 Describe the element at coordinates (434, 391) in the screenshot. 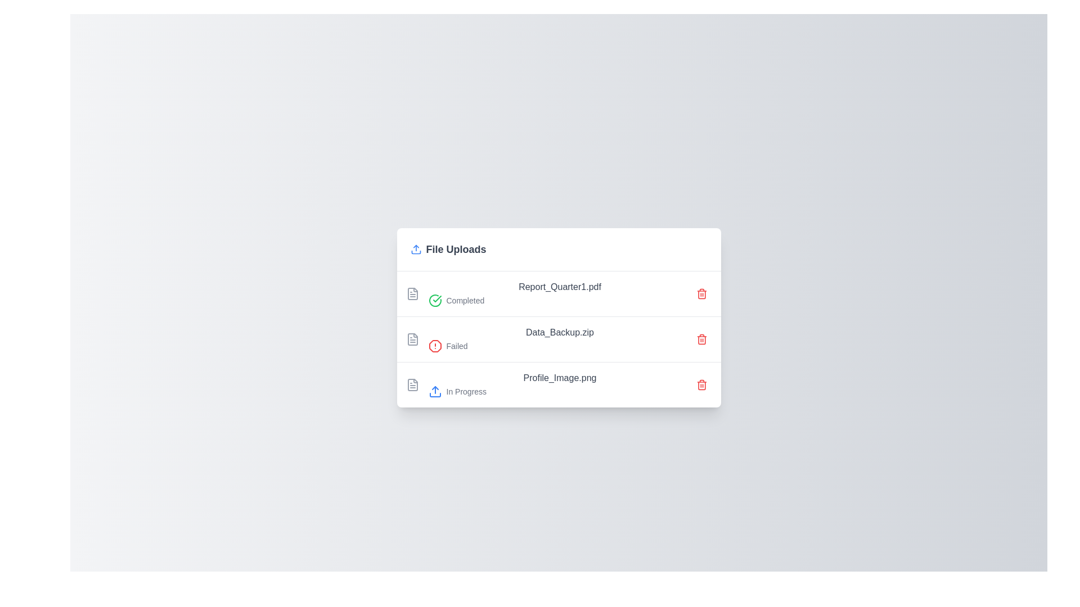

I see `the small, blue upward-pointing arrow icon indicating an upload action, which is positioned prominently to the left of the 'In Progress' status label in the third row of the file upload status list` at that location.